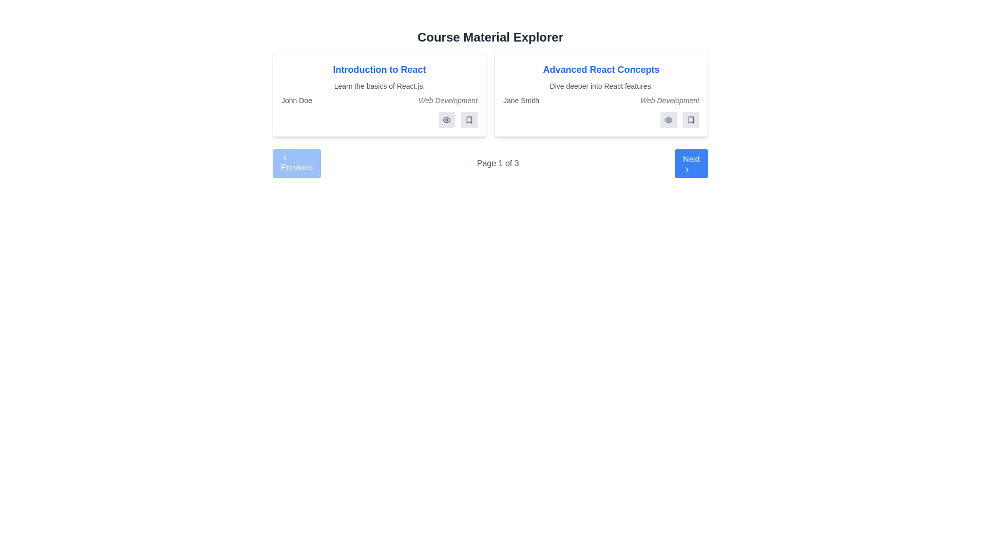 The width and height of the screenshot is (986, 554). What do you see at coordinates (468, 120) in the screenshot?
I see `the bookmark icon in the bottom-right corner of the 'Advanced React Concepts' card` at bounding box center [468, 120].